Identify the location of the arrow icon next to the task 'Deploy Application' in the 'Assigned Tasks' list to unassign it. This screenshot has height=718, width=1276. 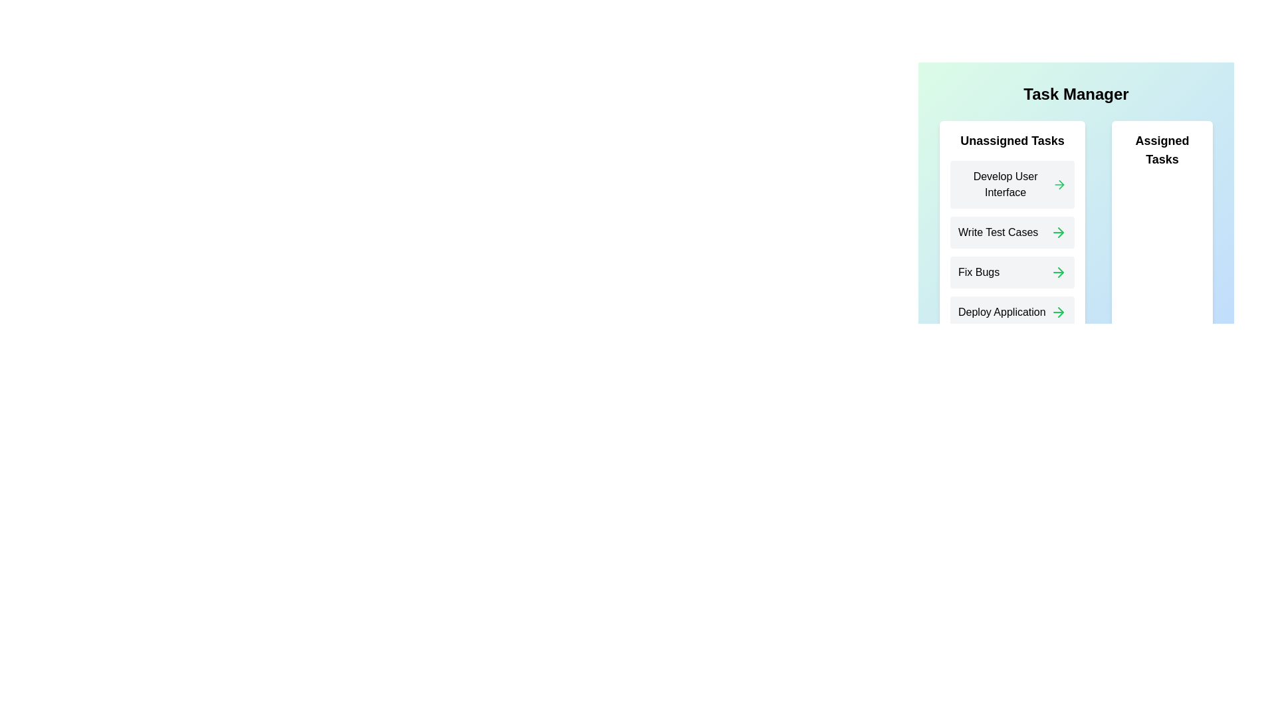
(1058, 312).